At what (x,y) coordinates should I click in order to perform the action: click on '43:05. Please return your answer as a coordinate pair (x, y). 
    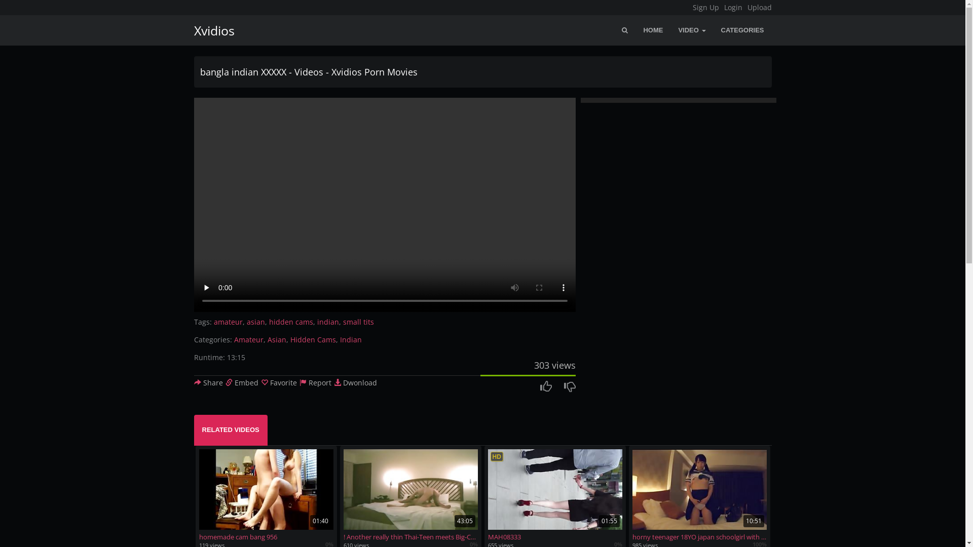
    Looking at the image, I should click on (410, 495).